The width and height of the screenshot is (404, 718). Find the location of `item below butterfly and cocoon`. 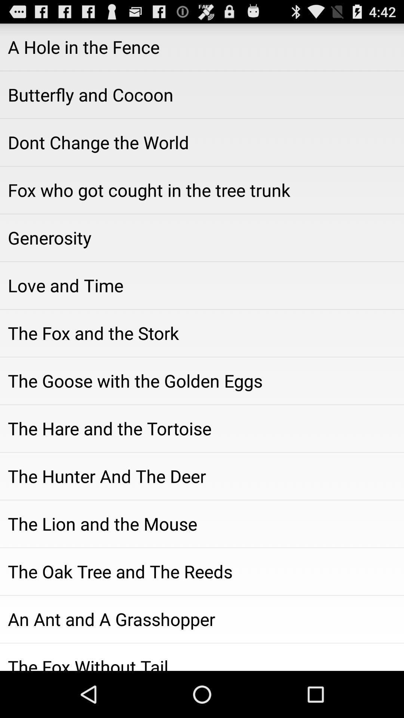

item below butterfly and cocoon is located at coordinates (202, 142).